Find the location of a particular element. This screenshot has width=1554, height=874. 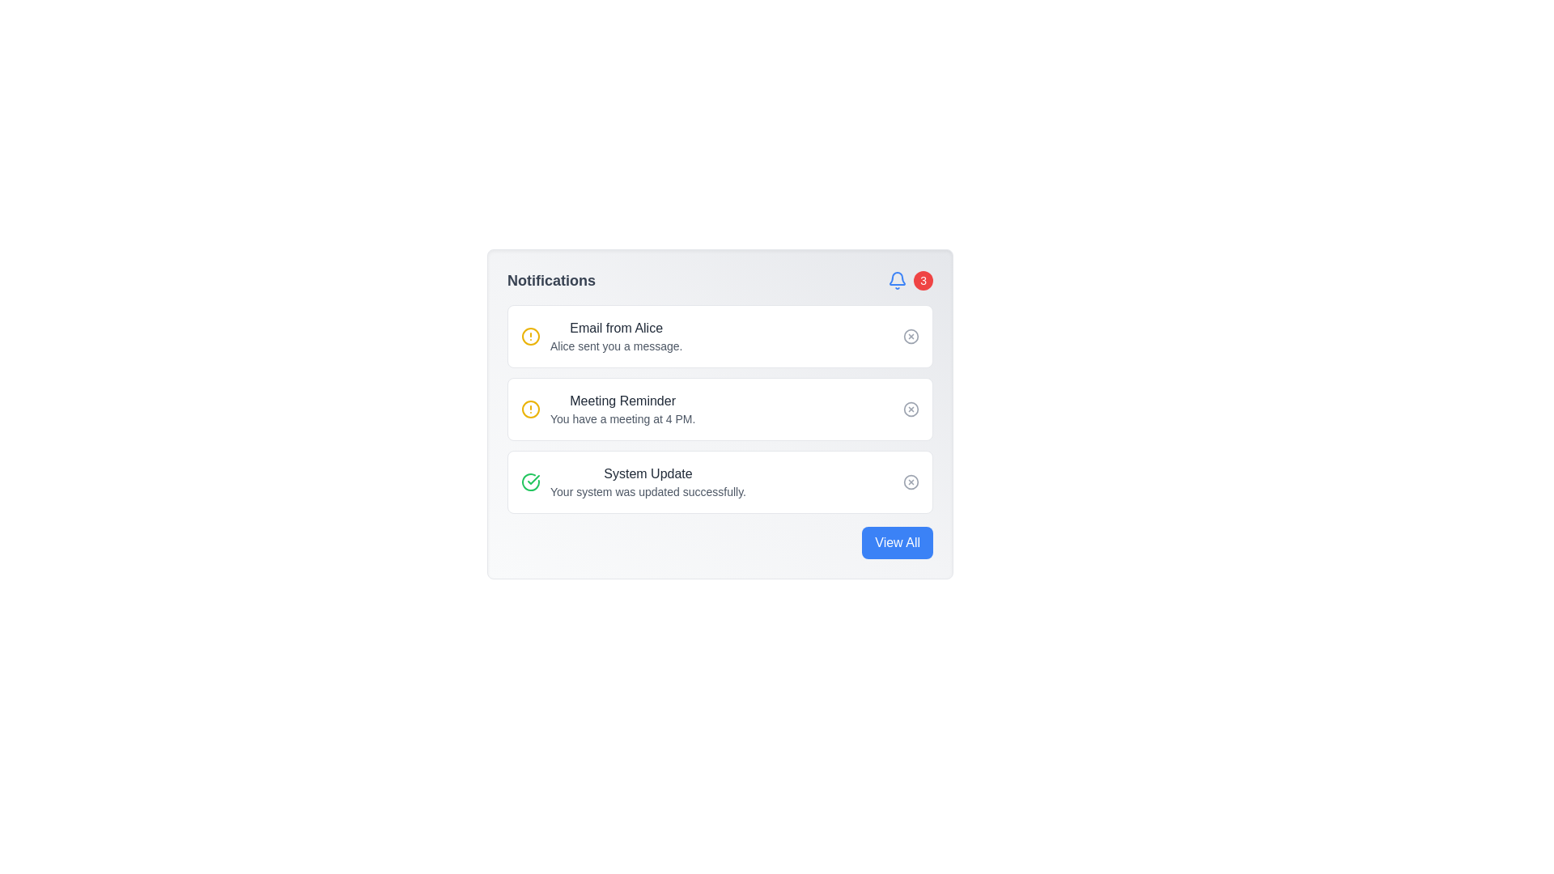

the success status icon within the circular SVG icon at the bottom-left of the 'System Update' notification, which is the third item in the notification list is located at coordinates (531, 482).